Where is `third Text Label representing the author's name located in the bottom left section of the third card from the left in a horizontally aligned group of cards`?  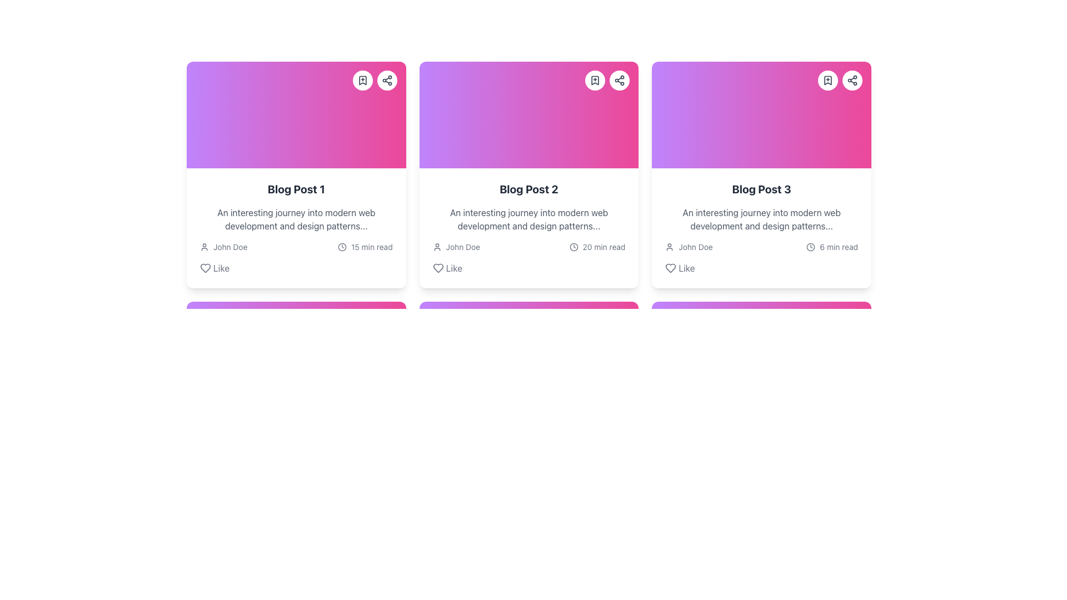
third Text Label representing the author's name located in the bottom left section of the third card from the left in a horizontally aligned group of cards is located at coordinates (695, 246).